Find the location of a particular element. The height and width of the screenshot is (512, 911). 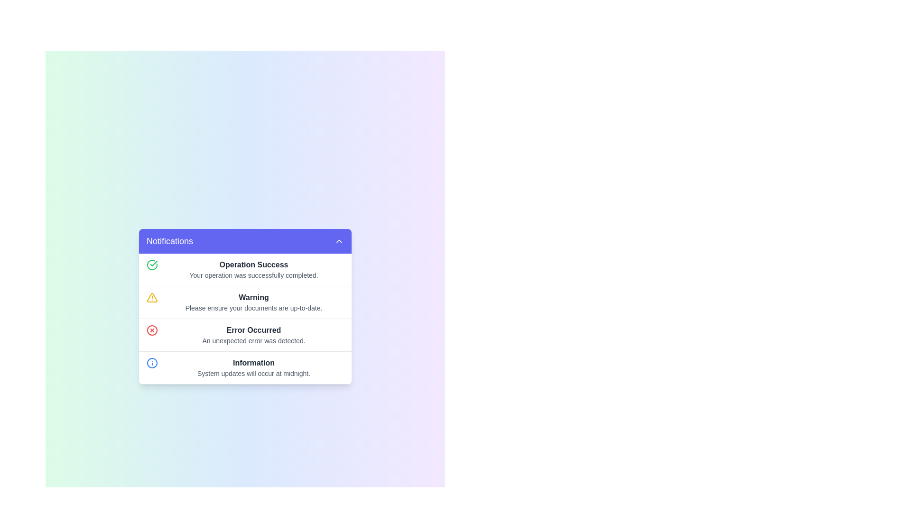

text element that contains 'Your operation was successfully completed.', which is styled in smaller, gray-colored text and positioned below the title 'Operation Success' is located at coordinates (253, 275).